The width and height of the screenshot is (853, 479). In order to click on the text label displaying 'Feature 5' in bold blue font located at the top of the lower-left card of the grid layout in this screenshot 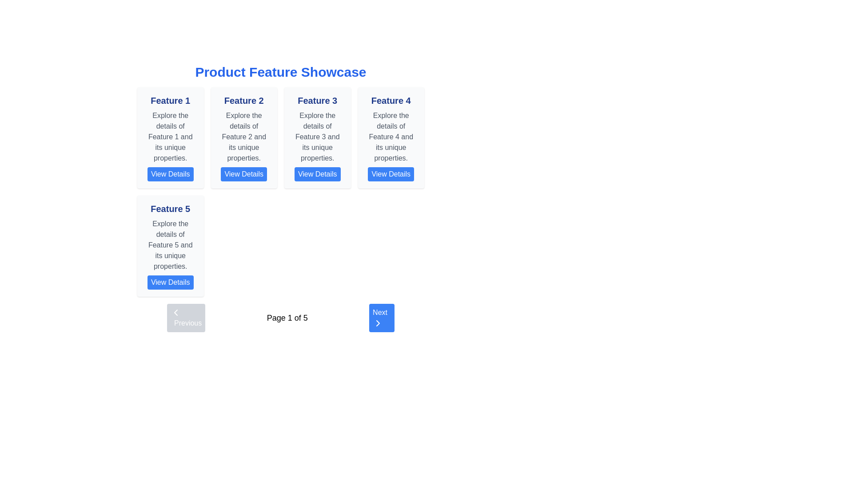, I will do `click(170, 208)`.